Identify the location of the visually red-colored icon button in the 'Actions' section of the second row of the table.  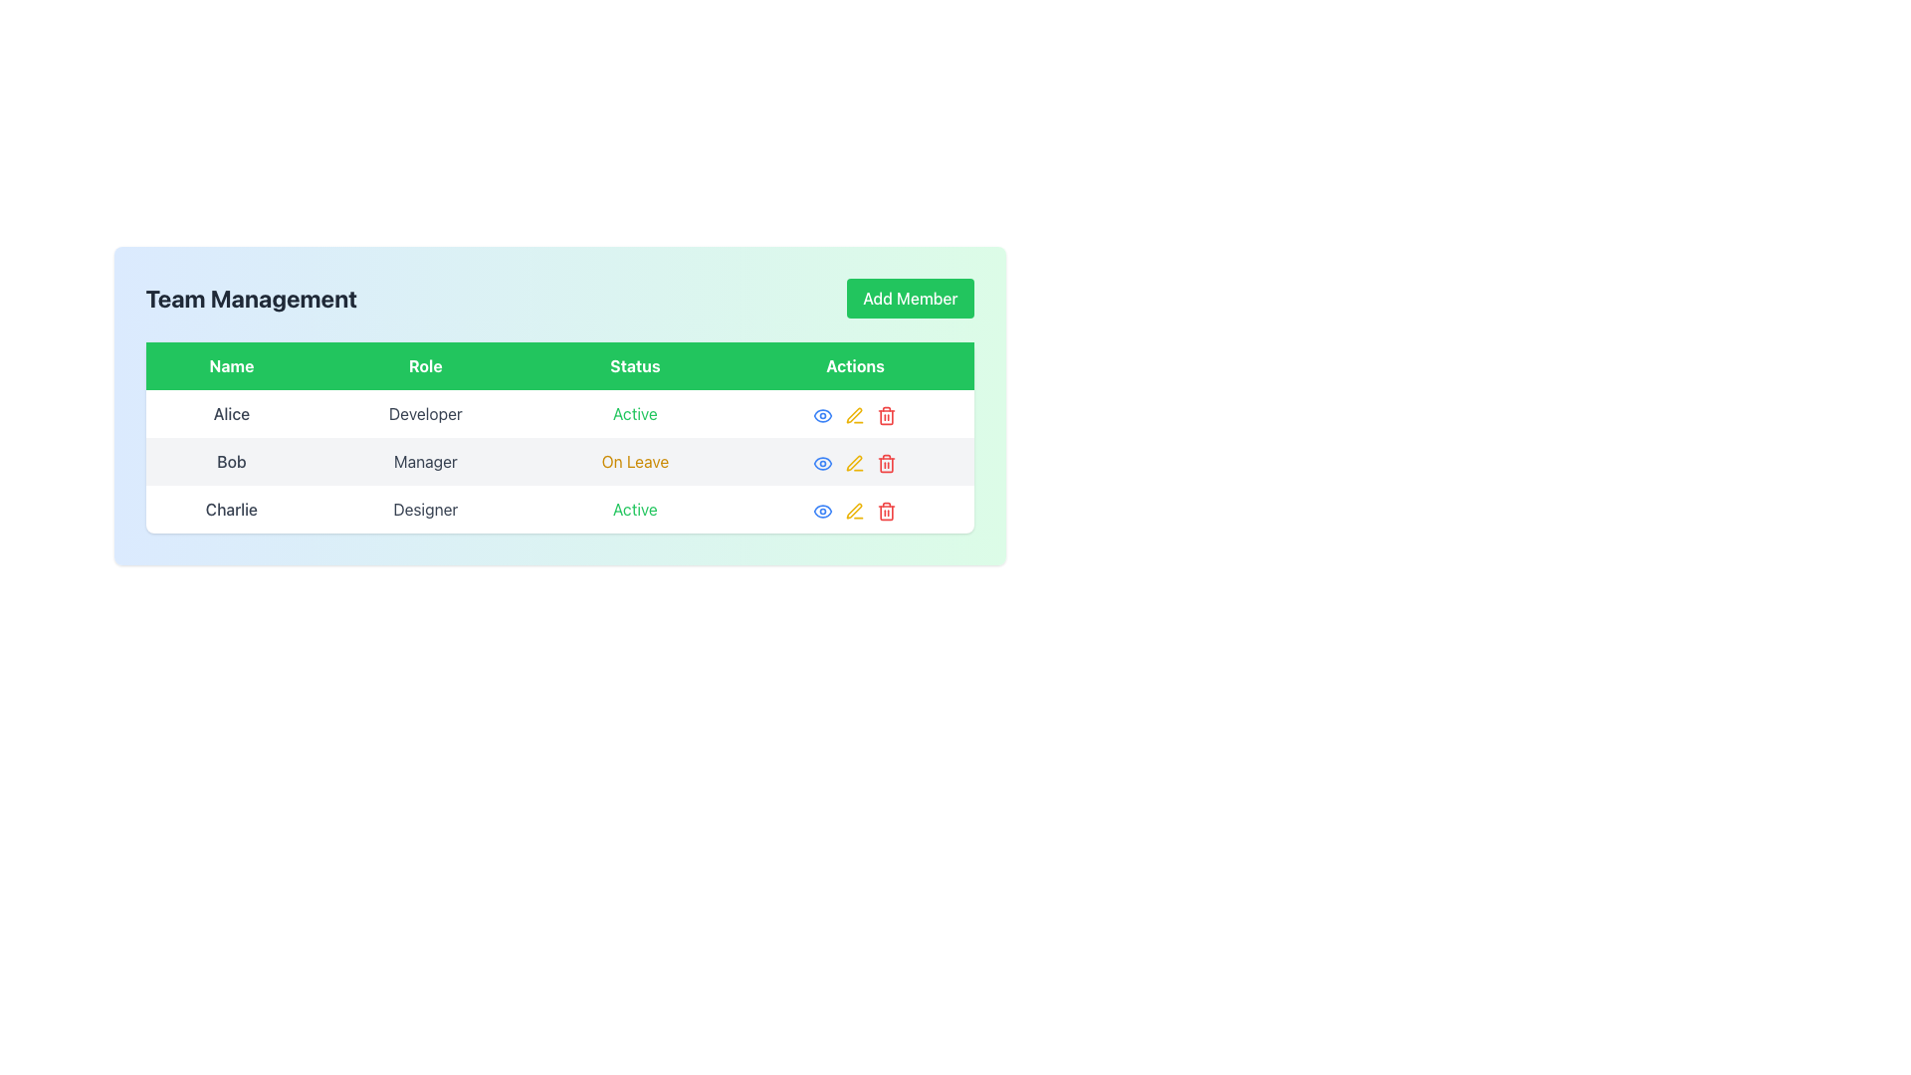
(886, 414).